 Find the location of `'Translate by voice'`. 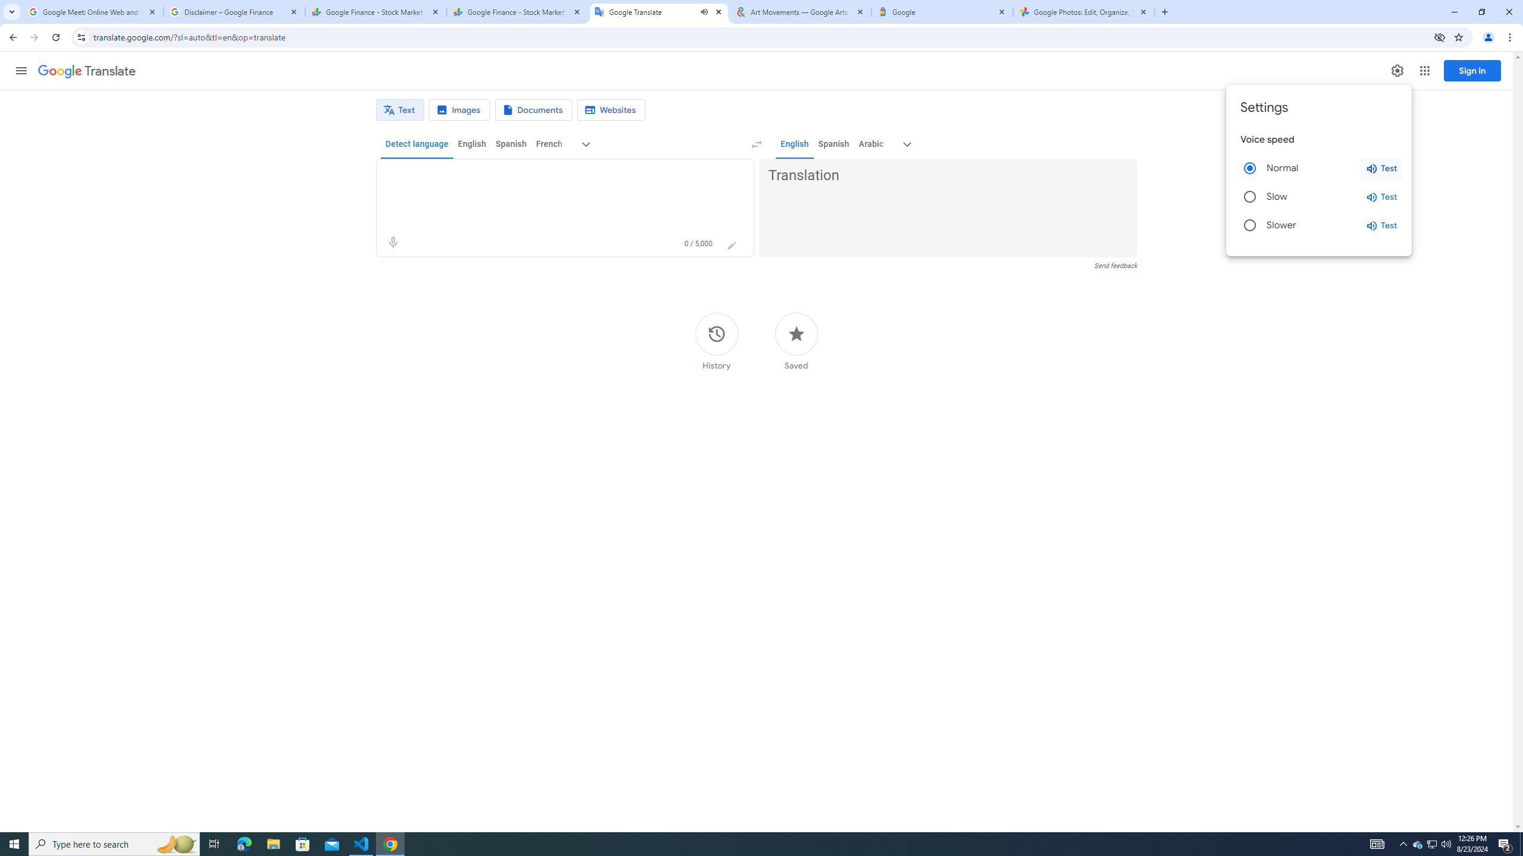

'Translate by voice' is located at coordinates (393, 242).